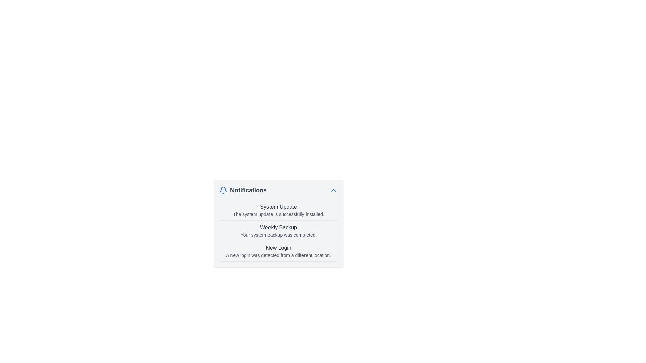  What do you see at coordinates (279, 248) in the screenshot?
I see `the Text label that acts as a header for a notification entry, positioned at the center of the notification panel` at bounding box center [279, 248].